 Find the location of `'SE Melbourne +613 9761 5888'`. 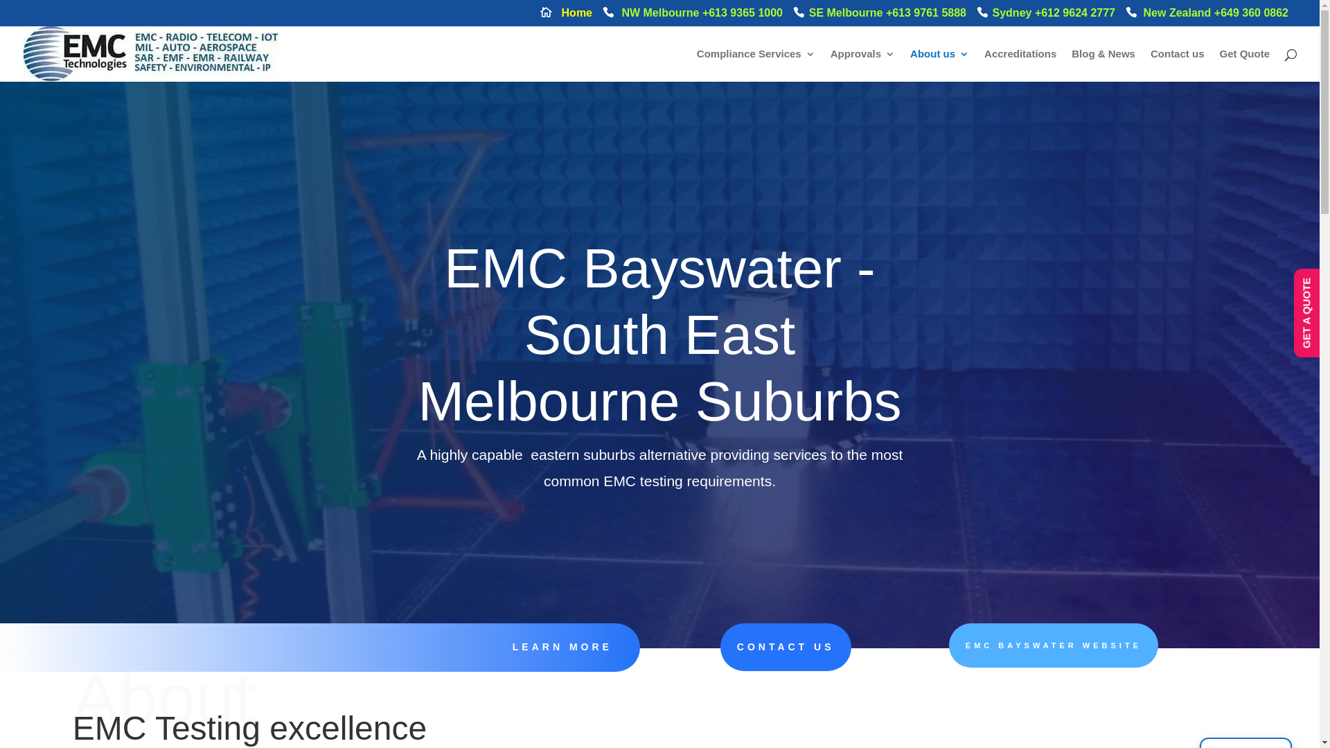

'SE Melbourne +613 9761 5888' is located at coordinates (879, 17).